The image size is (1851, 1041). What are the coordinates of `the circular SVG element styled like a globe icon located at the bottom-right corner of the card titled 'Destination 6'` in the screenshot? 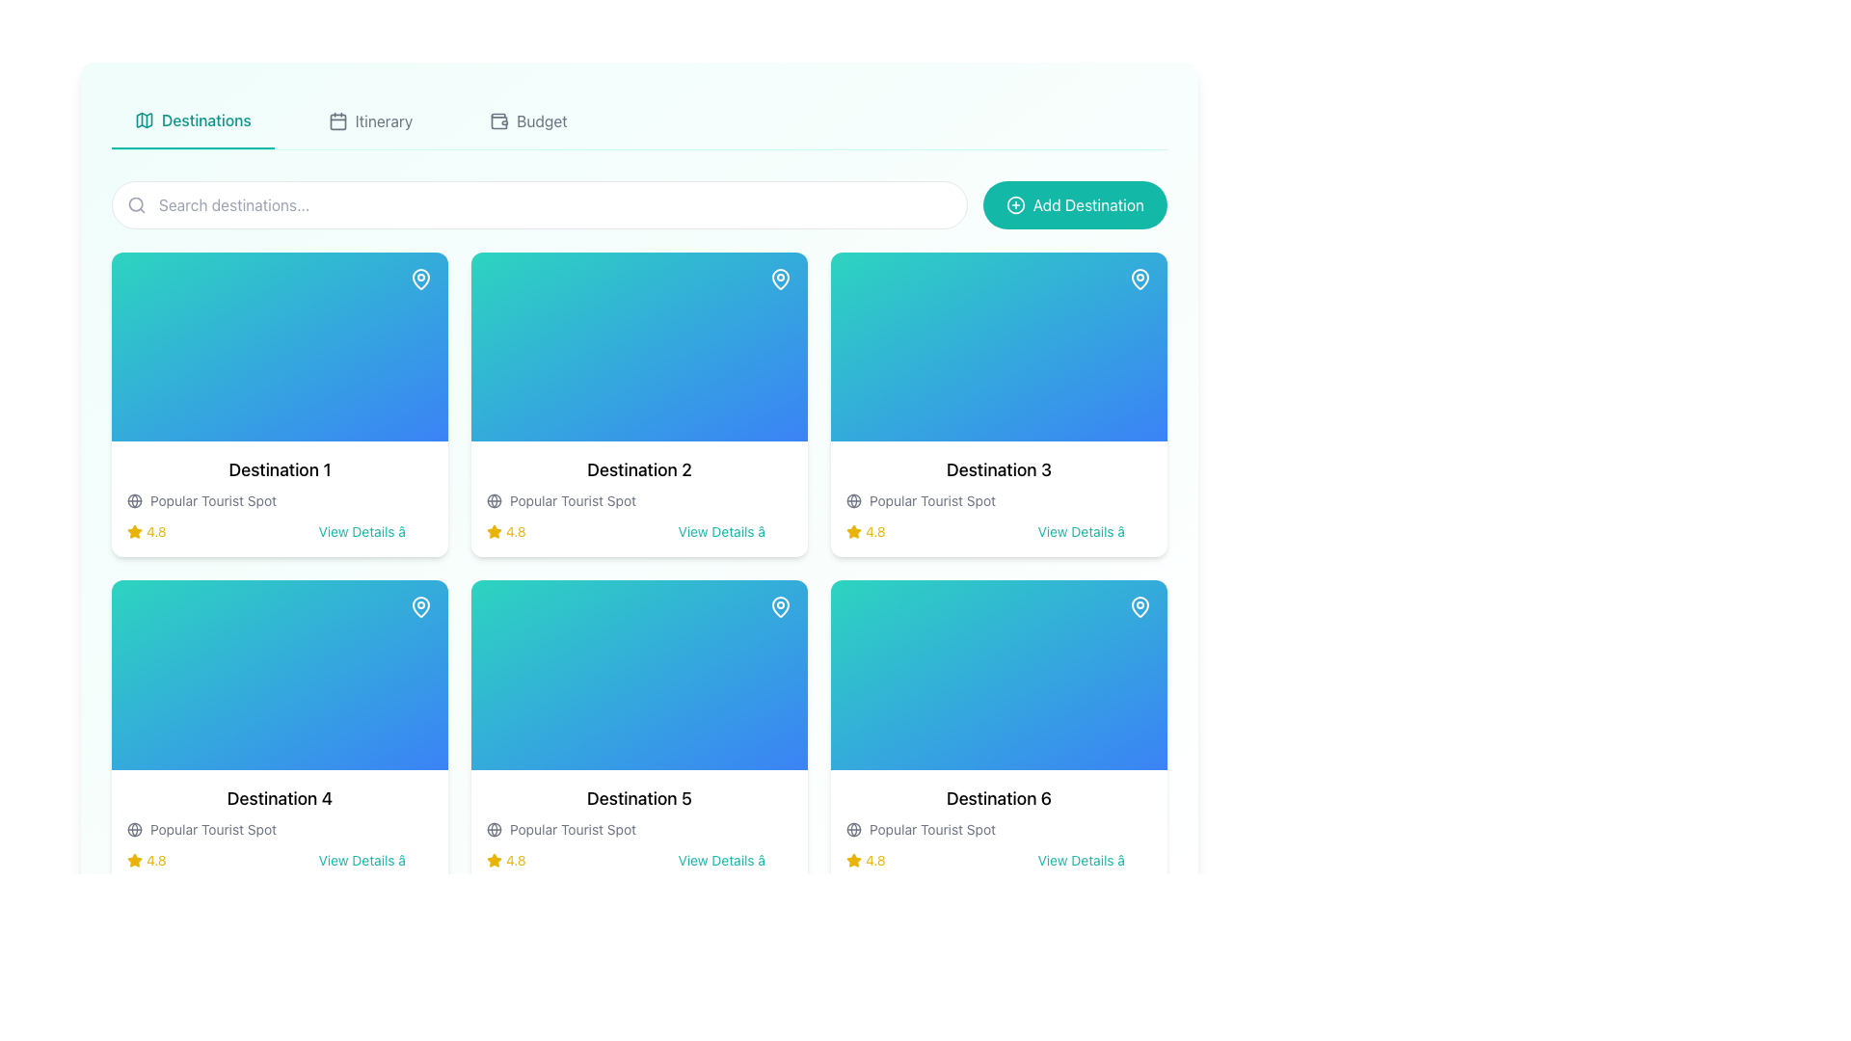 It's located at (853, 828).